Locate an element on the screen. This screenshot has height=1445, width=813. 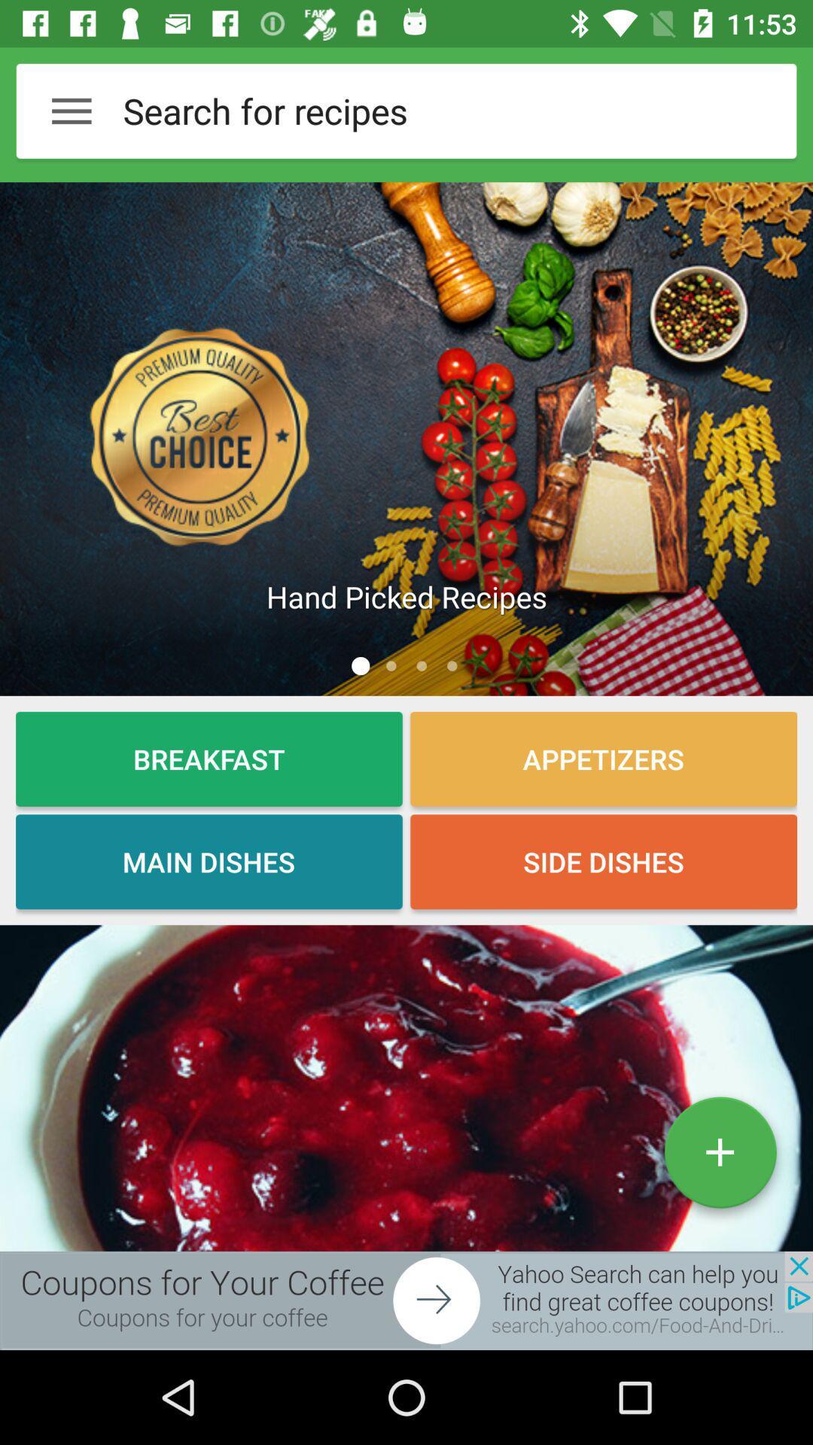
the add icon is located at coordinates (719, 1158).